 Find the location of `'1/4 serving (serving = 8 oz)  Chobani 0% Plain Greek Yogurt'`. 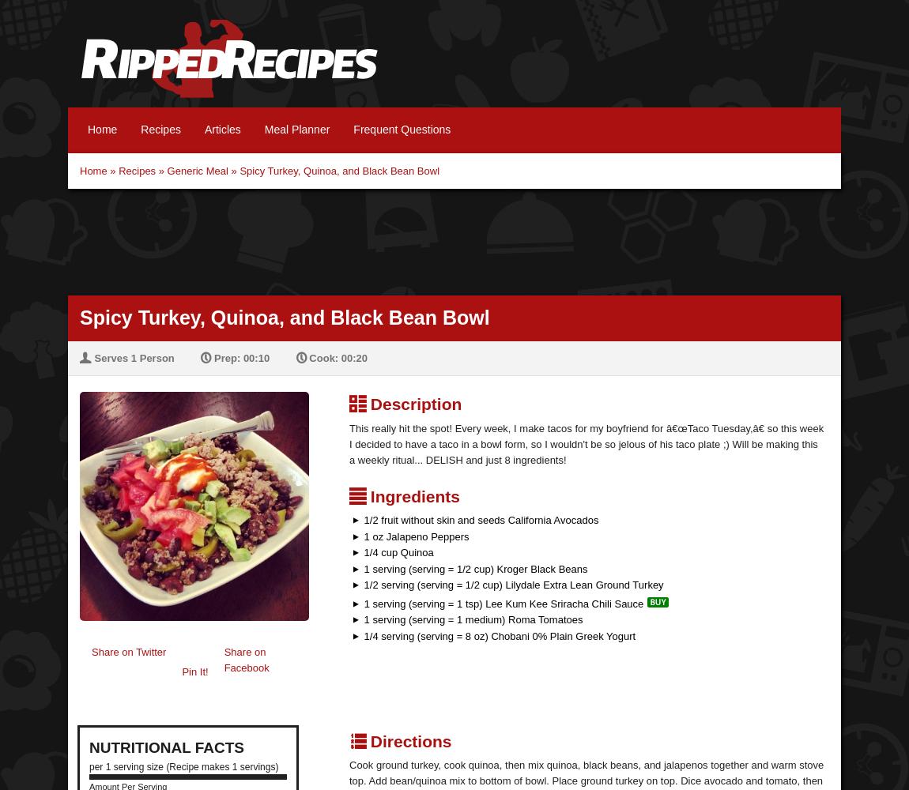

'1/4 serving (serving = 8 oz)  Chobani 0% Plain Greek Yogurt' is located at coordinates (497, 635).